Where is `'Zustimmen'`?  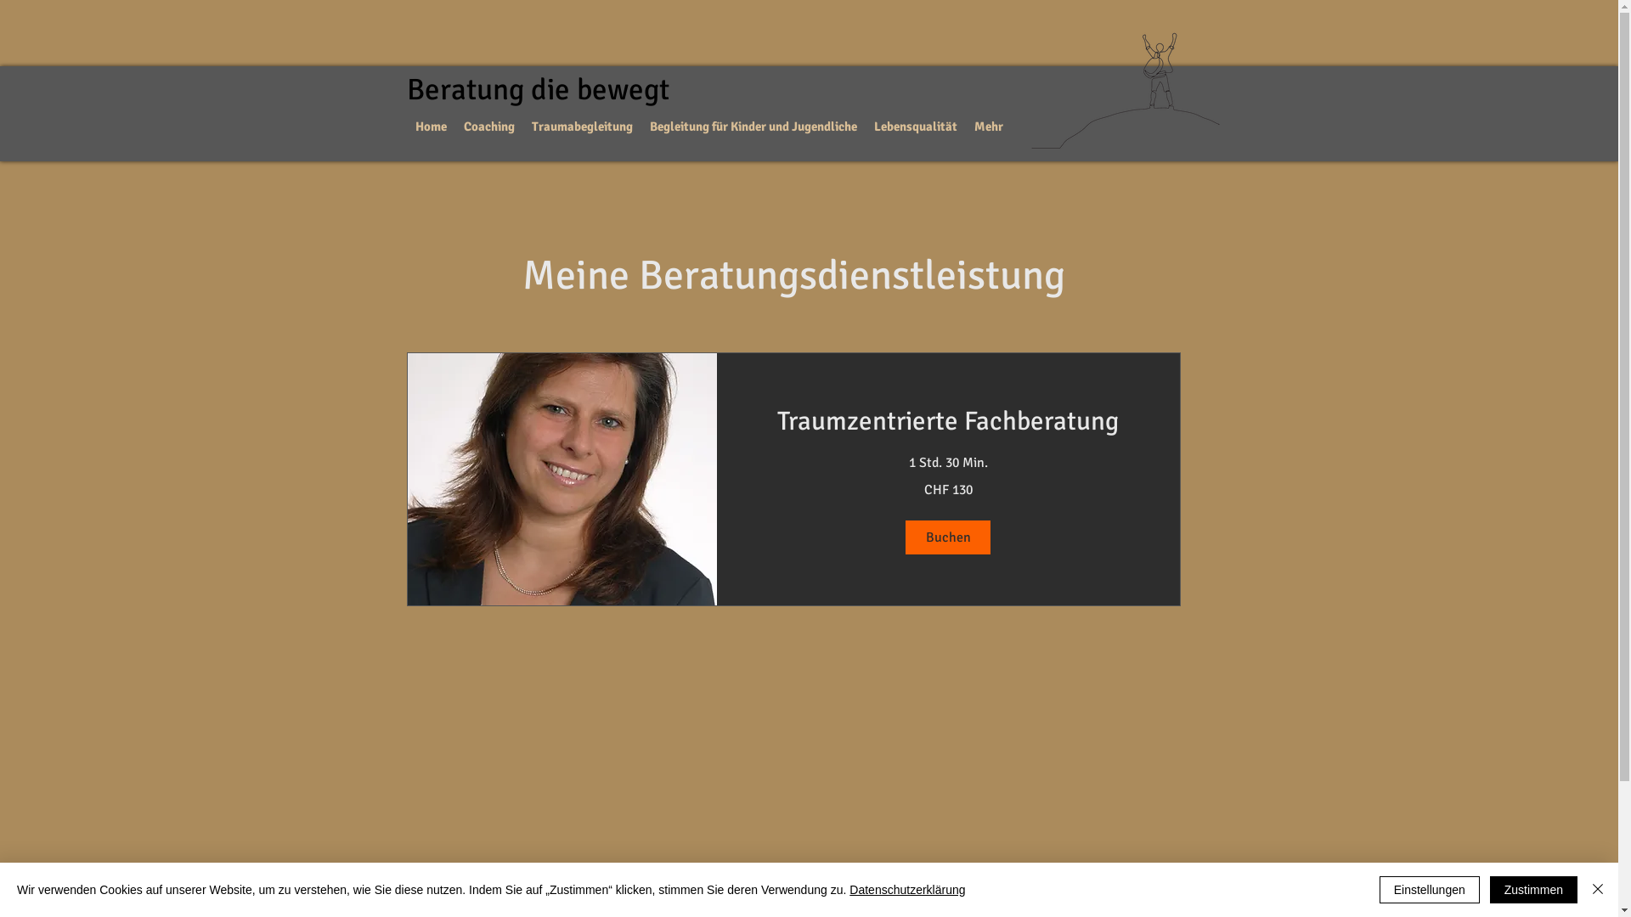
'Zustimmen' is located at coordinates (1533, 889).